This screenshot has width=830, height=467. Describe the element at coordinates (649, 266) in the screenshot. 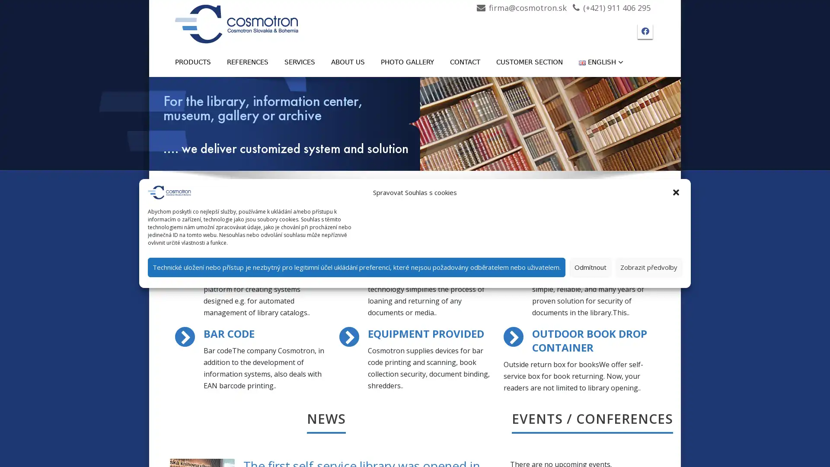

I see `Zobrazit predvolby` at that location.